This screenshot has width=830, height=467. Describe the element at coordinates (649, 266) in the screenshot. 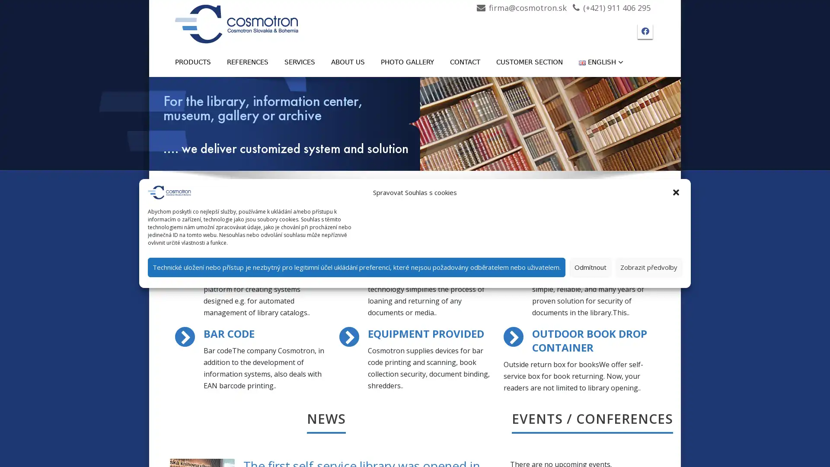

I see `Zobrazit predvolby` at that location.